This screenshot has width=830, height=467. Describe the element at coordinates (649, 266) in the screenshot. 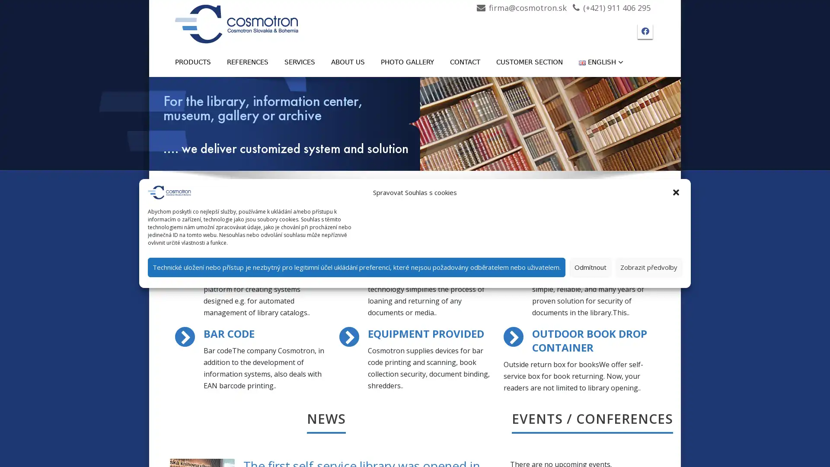

I see `Zobrazit predvolby` at that location.